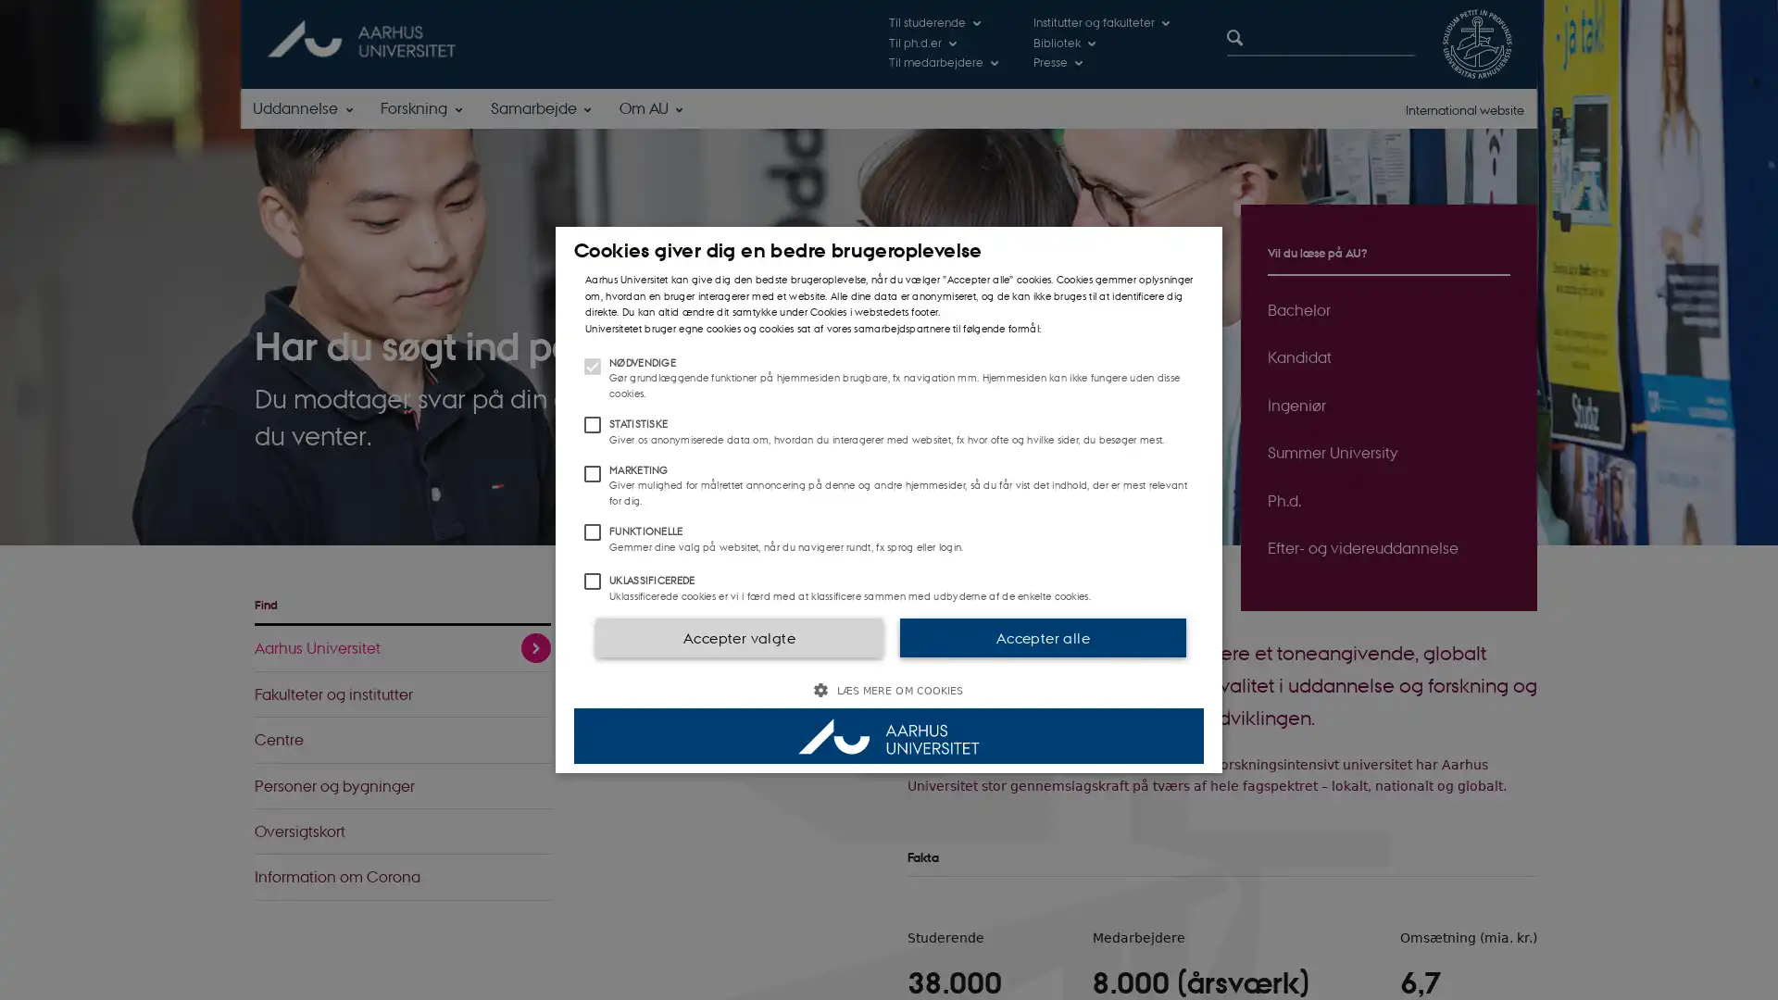 The width and height of the screenshot is (1778, 1000). I want to click on Accepter valgte, so click(737, 635).